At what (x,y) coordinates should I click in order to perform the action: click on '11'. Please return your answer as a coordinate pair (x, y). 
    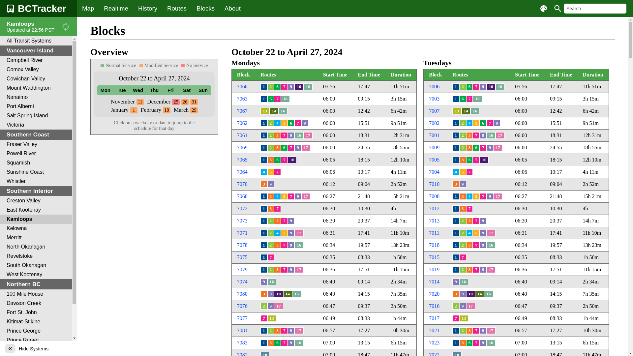
    Looking at the image, I should click on (136, 102).